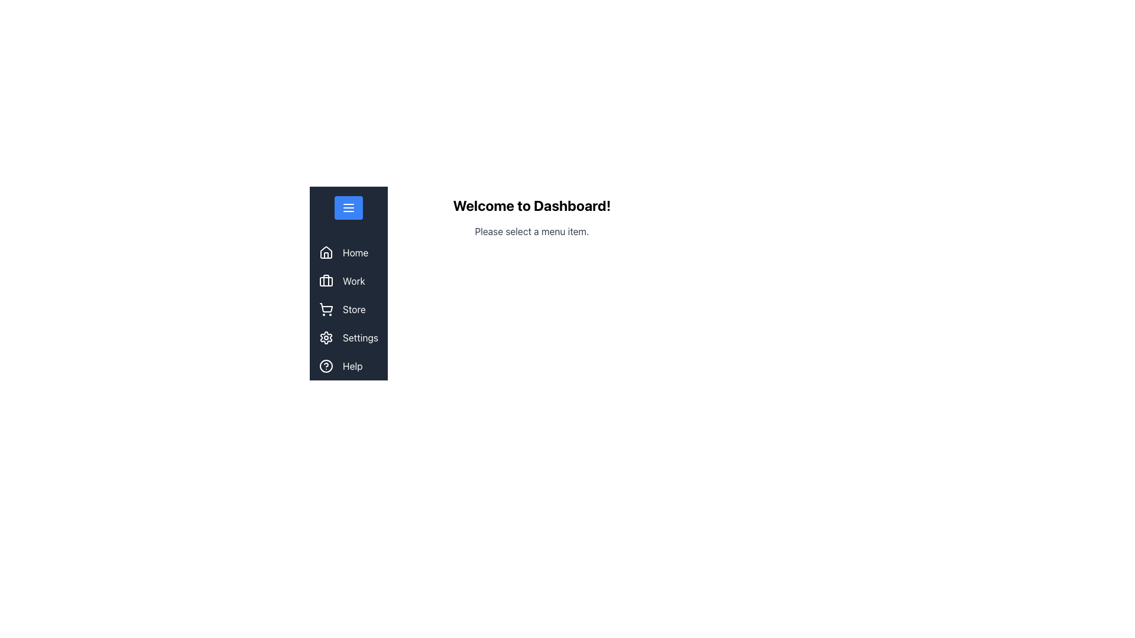 The image size is (1135, 638). What do you see at coordinates (326, 252) in the screenshot?
I see `the house icon located at the top of the vertical navigation bar in the left panel, which serves as a marker to navigate to the 'Home' section of the application` at bounding box center [326, 252].